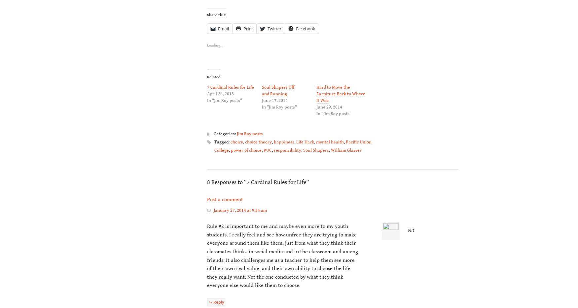 This screenshot has height=308, width=578. I want to click on 'Share this:', so click(216, 14).